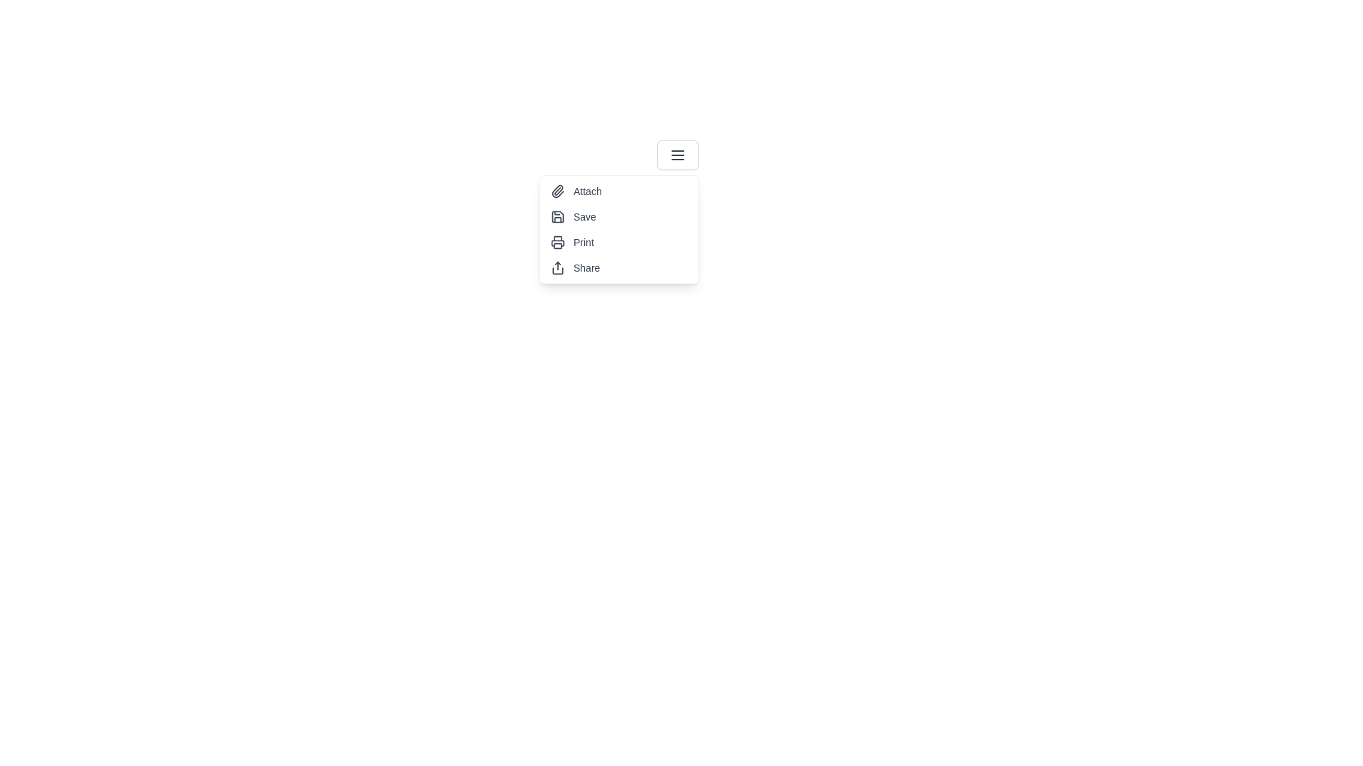 The width and height of the screenshot is (1363, 766). Describe the element at coordinates (557, 216) in the screenshot. I see `the save icon SVG element located next to the 'Save' menu option in the dropdown menu using assistive technologies` at that location.